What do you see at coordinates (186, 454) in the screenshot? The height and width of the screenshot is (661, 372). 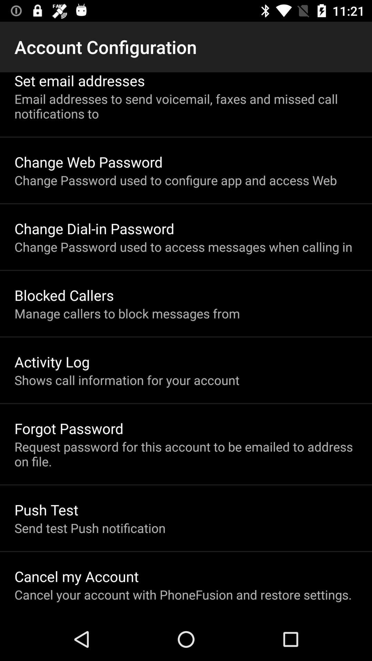 I see `request password for app` at bounding box center [186, 454].